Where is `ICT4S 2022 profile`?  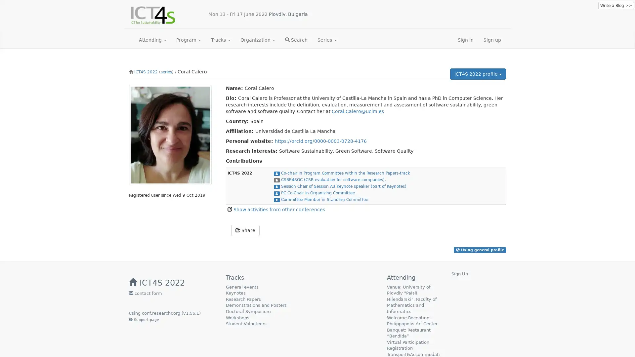 ICT4S 2022 profile is located at coordinates (478, 74).